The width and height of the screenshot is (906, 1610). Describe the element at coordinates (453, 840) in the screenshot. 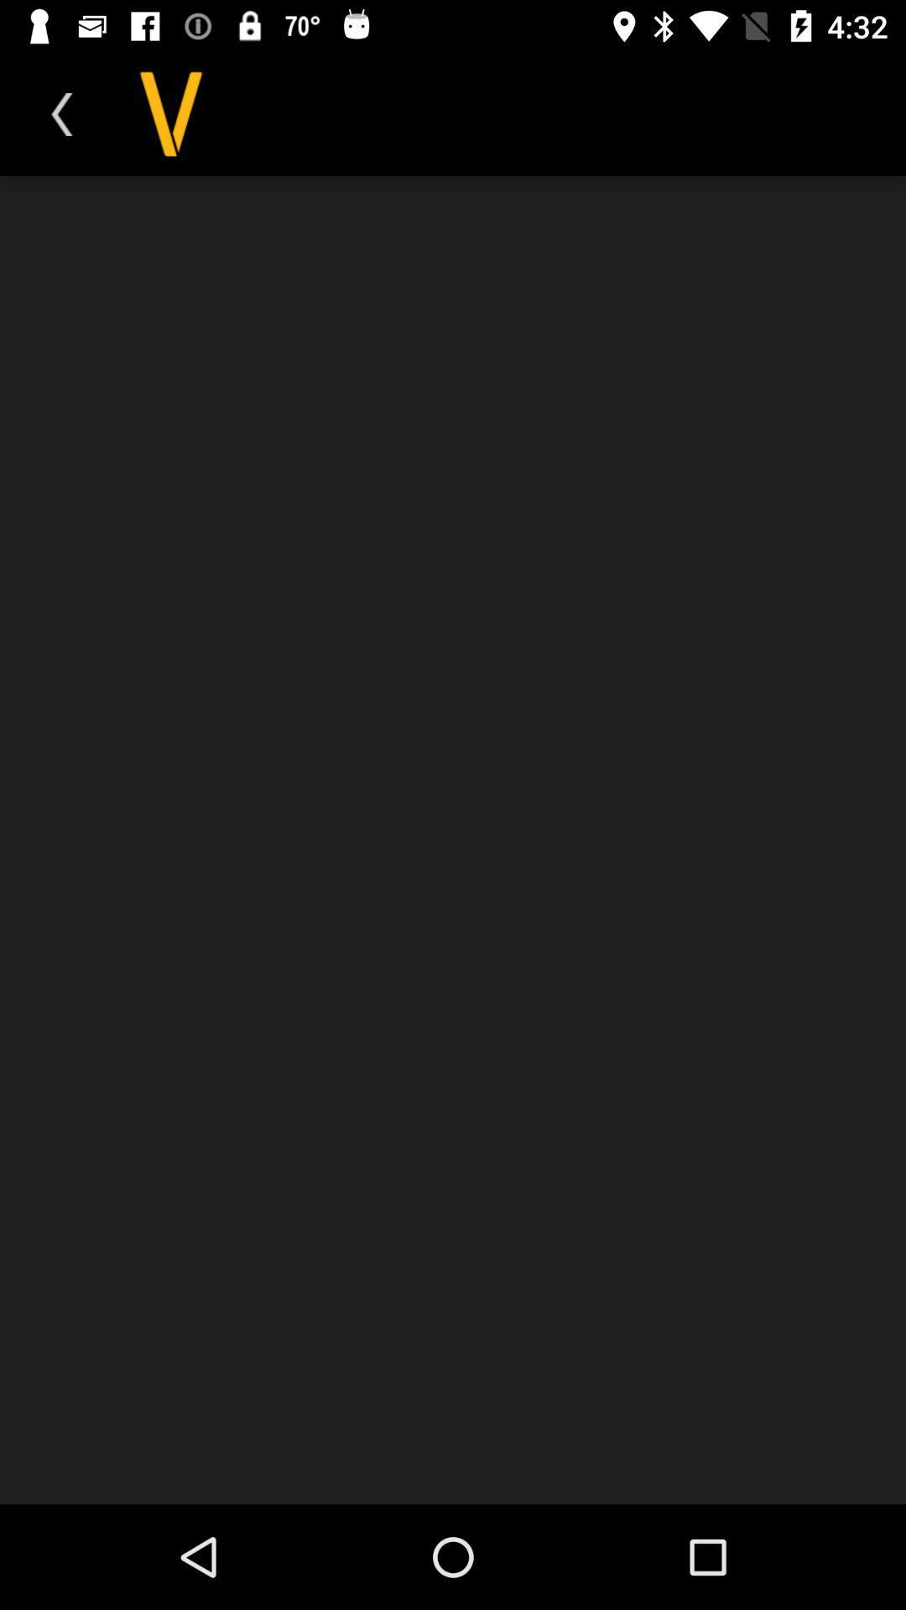

I see `item at the center` at that location.